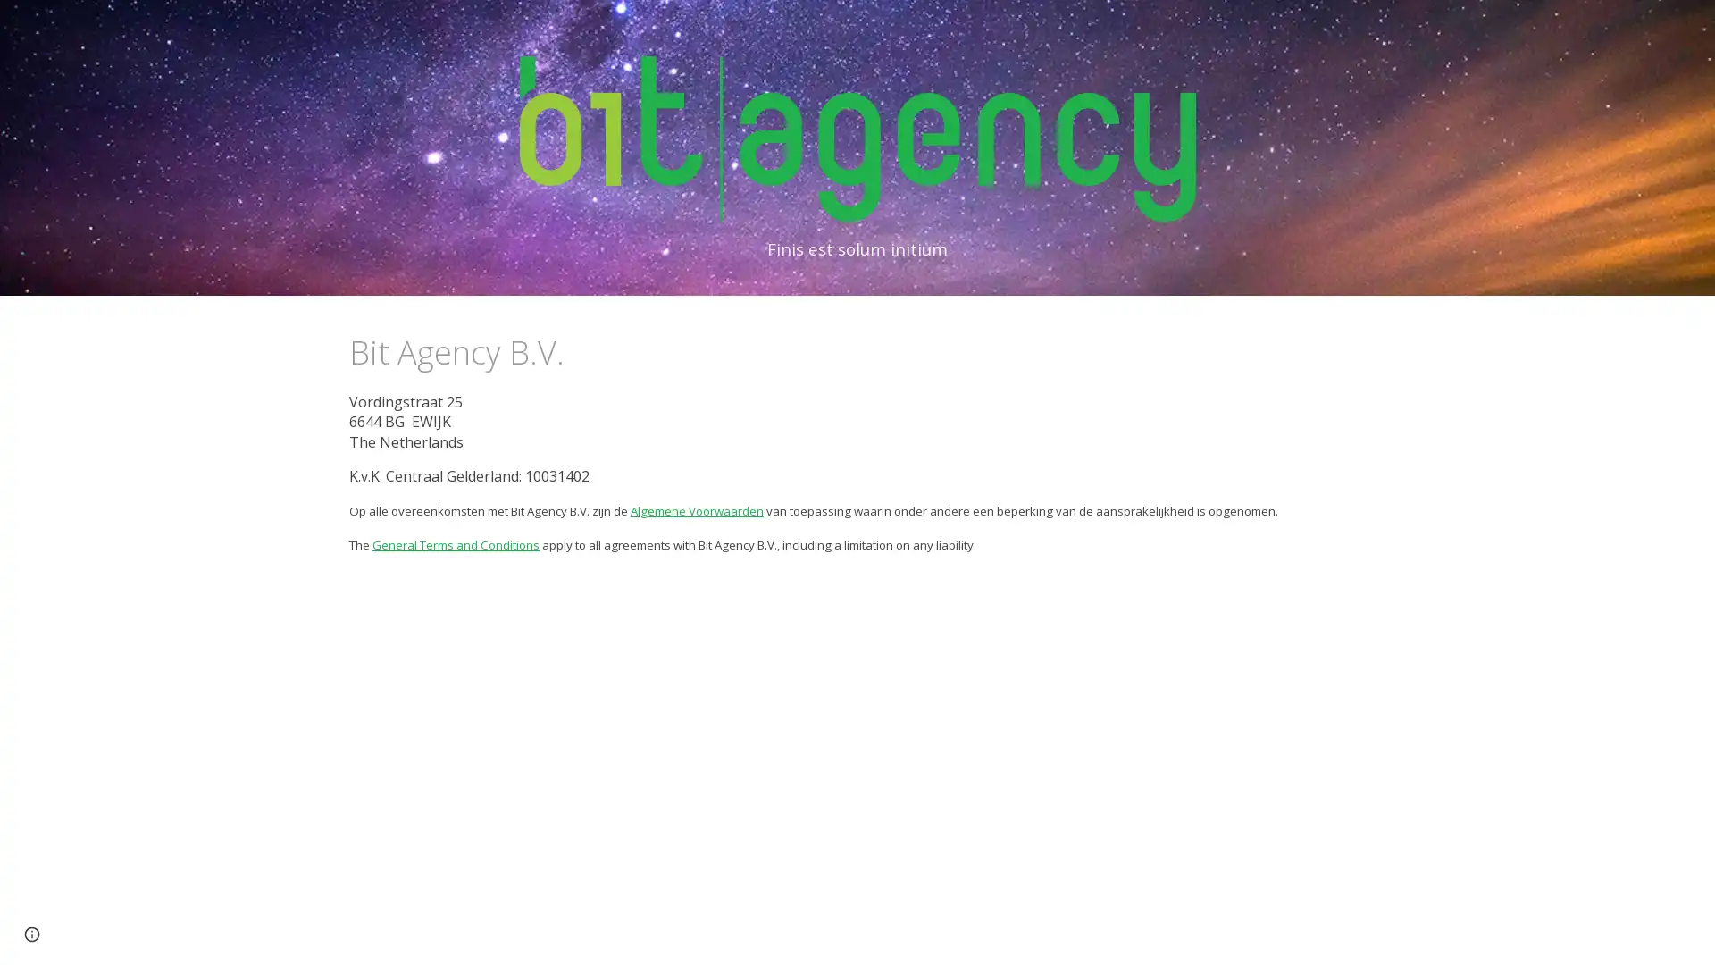  What do you see at coordinates (31, 933) in the screenshot?
I see `Site actions` at bounding box center [31, 933].